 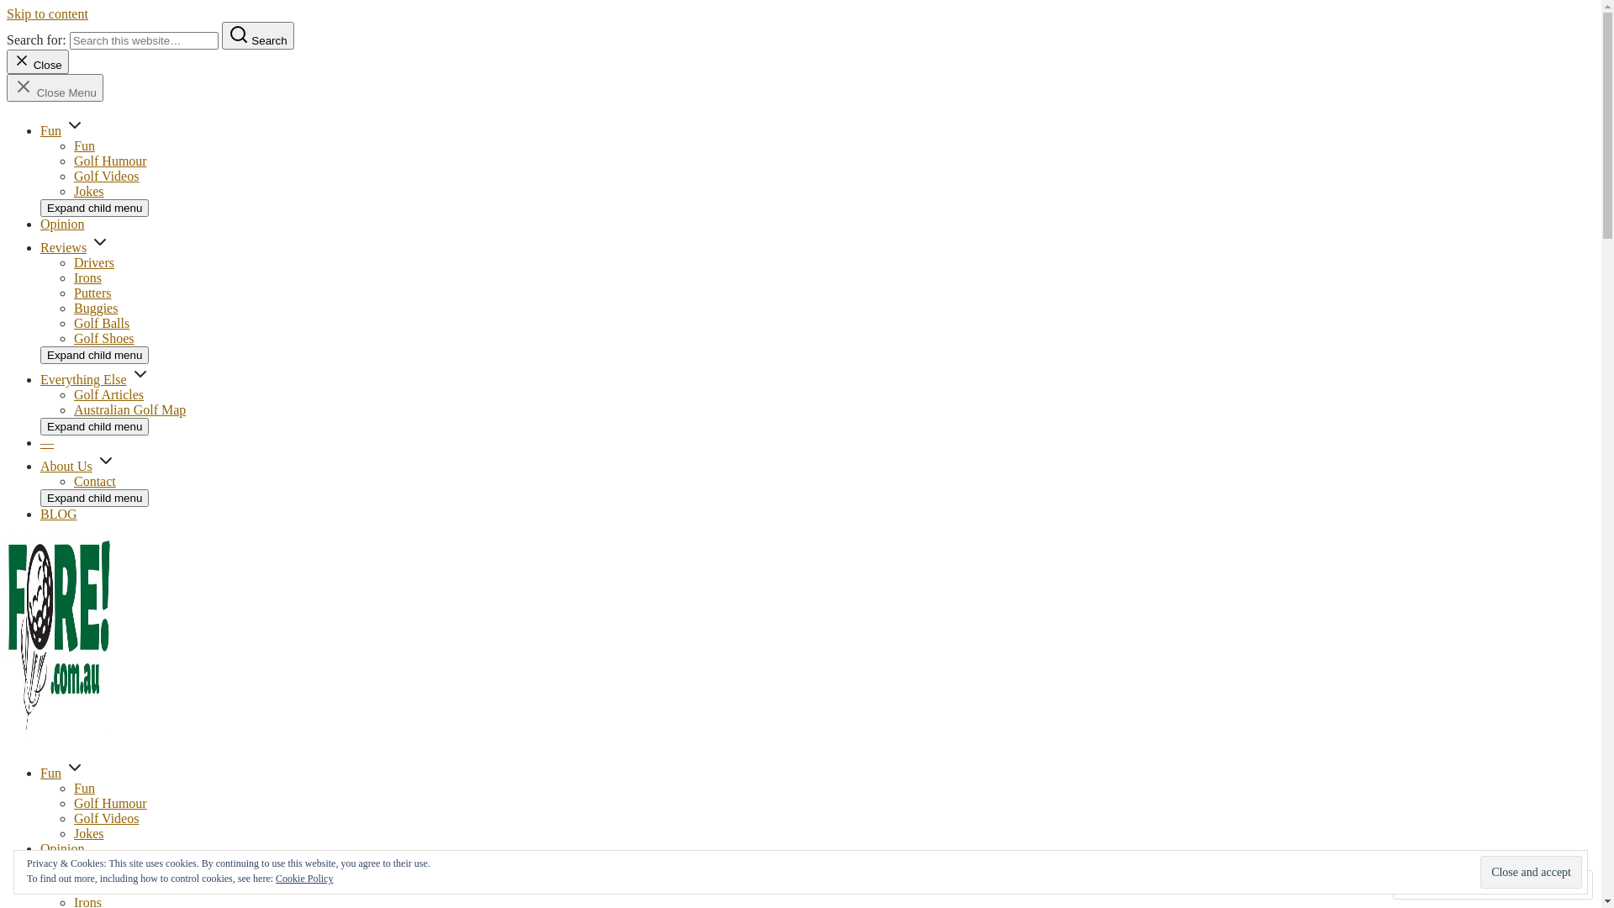 What do you see at coordinates (87, 833) in the screenshot?
I see `'Jokes'` at bounding box center [87, 833].